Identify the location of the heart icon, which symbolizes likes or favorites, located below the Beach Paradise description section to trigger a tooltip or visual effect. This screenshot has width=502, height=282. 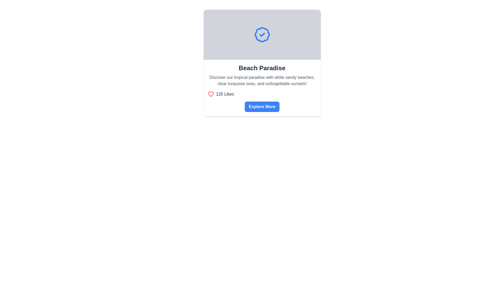
(211, 94).